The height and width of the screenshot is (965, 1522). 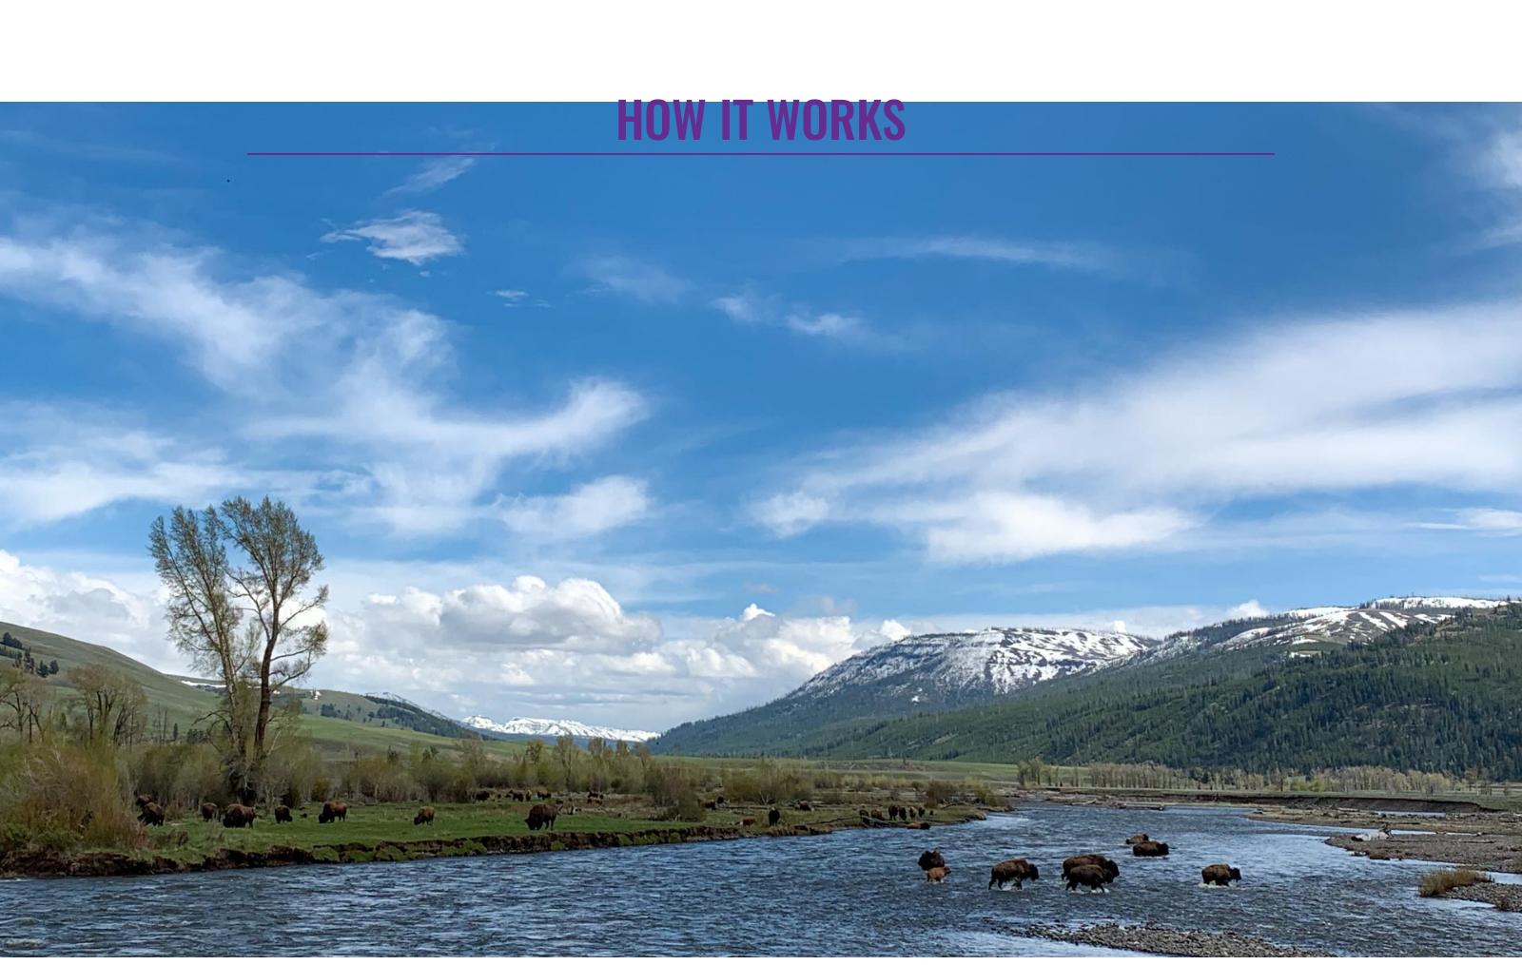 I want to click on 'page, enter your desired rental dates in top right corner. Availability and pricing for your dates will be displayed for everything from rental cars to bear spray. Use the menu on left of page to view all items by category. Add desired items to cart and follow check out process. If items are not available, no price will be displayed. the absolute easiest way is to call the office 7/365 9-5pm; 406-922-0179.', so click(x=379, y=506).